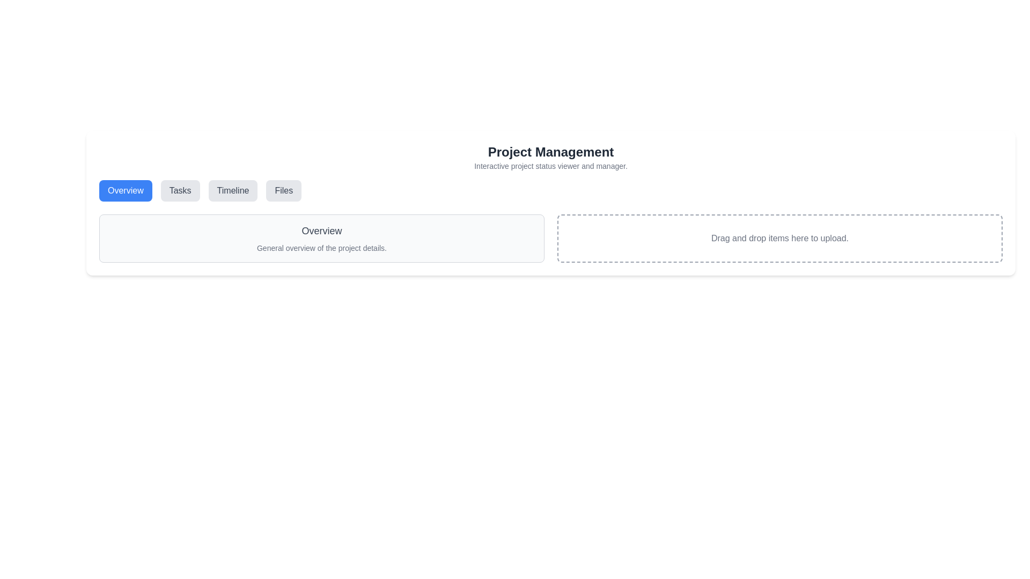  What do you see at coordinates (551, 157) in the screenshot?
I see `the non-interactive title text that reads 'Project Management' with the subtitle 'Interactive project status viewer and manager.'` at bounding box center [551, 157].